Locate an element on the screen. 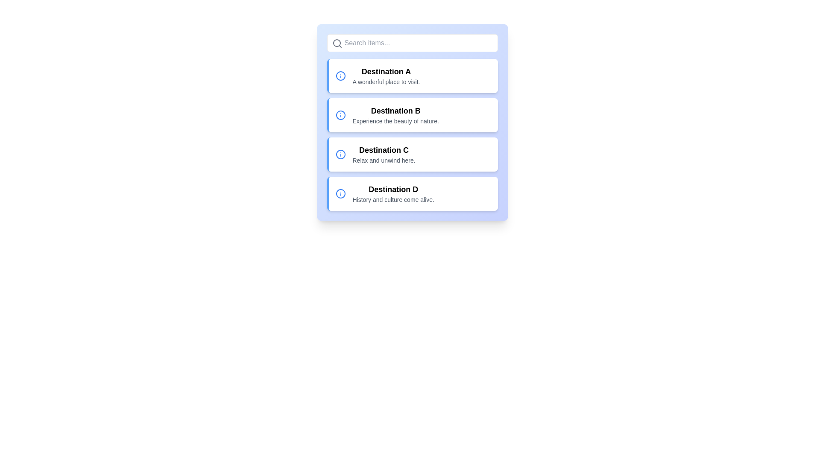 The width and height of the screenshot is (820, 461). the Text Label that contains the text 'History and culture come alive.' which is styled with smaller gray text and is located below the heading 'Destination D' is located at coordinates (393, 199).